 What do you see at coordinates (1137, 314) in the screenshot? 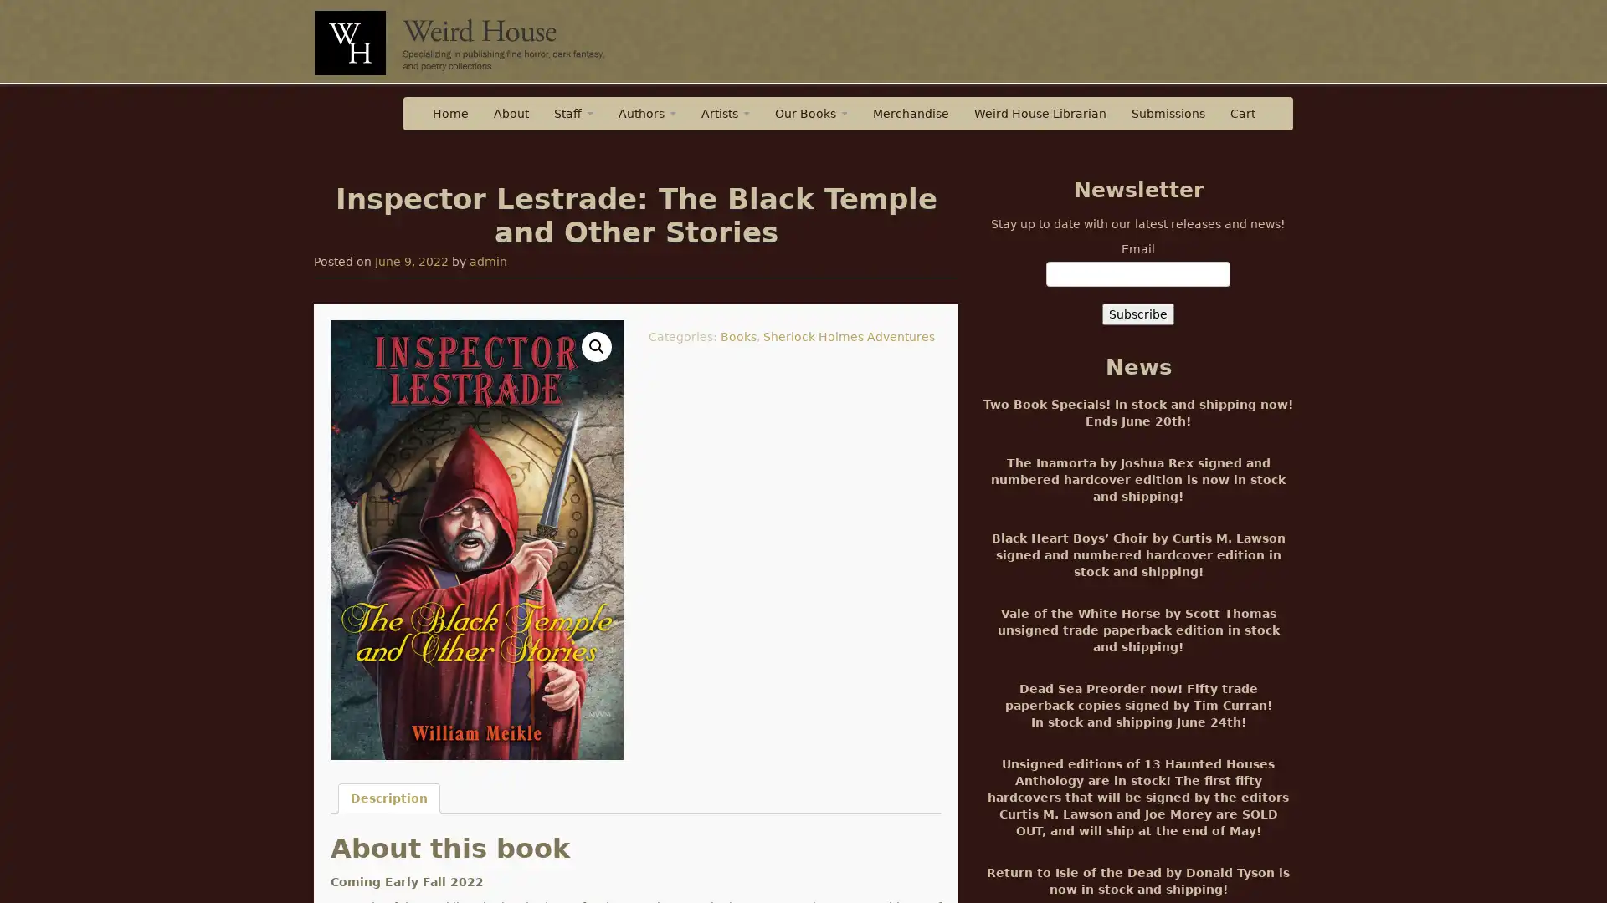
I see `Subscribe` at bounding box center [1137, 314].